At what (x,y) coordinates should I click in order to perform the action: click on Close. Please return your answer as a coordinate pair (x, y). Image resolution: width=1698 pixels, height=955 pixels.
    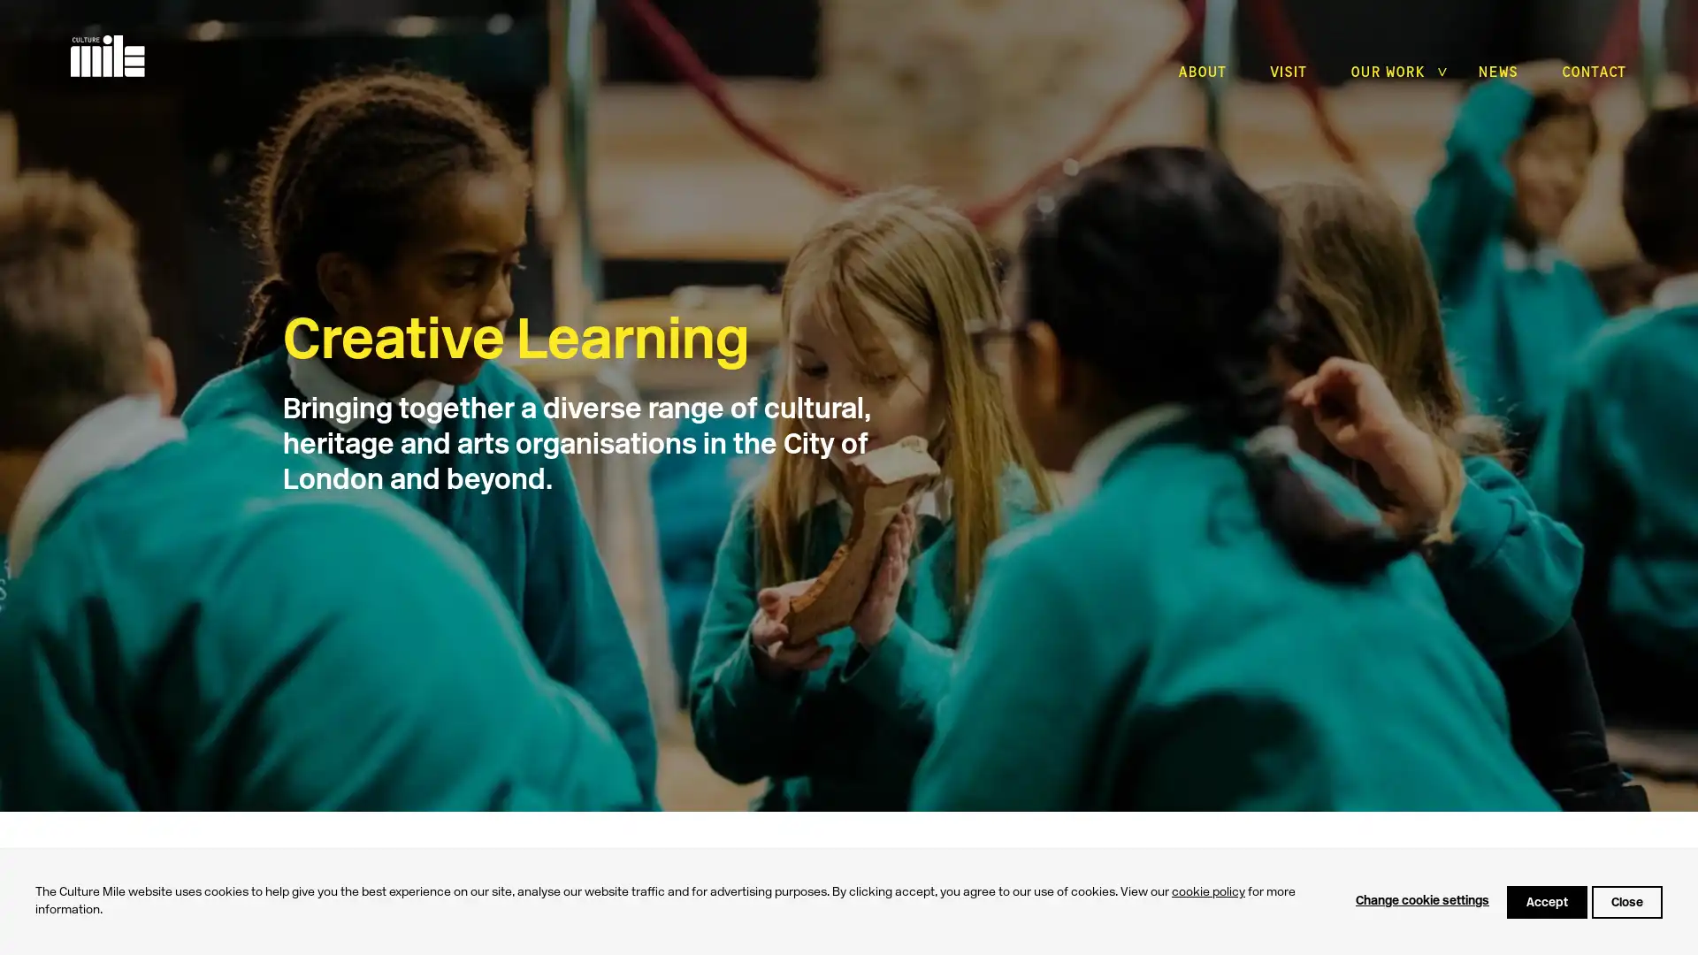
    Looking at the image, I should click on (1626, 901).